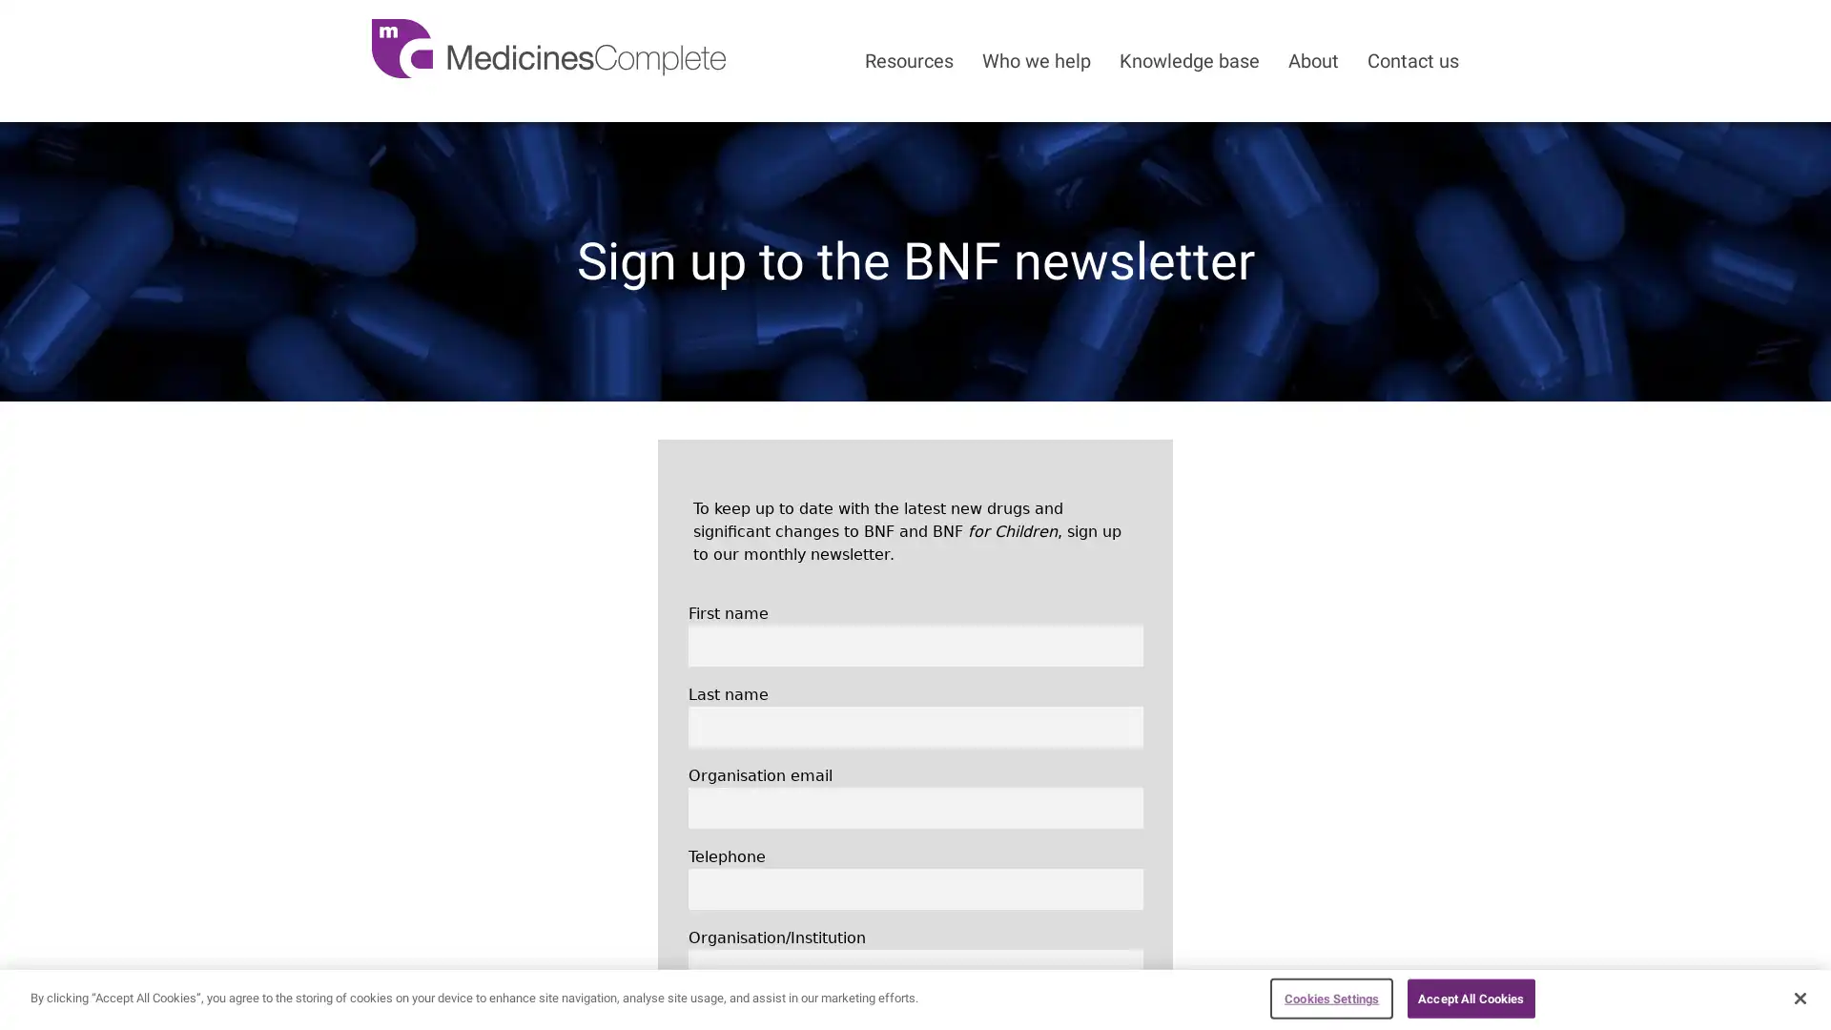 The image size is (1831, 1030). I want to click on Cookies Settings, so click(1330, 997).